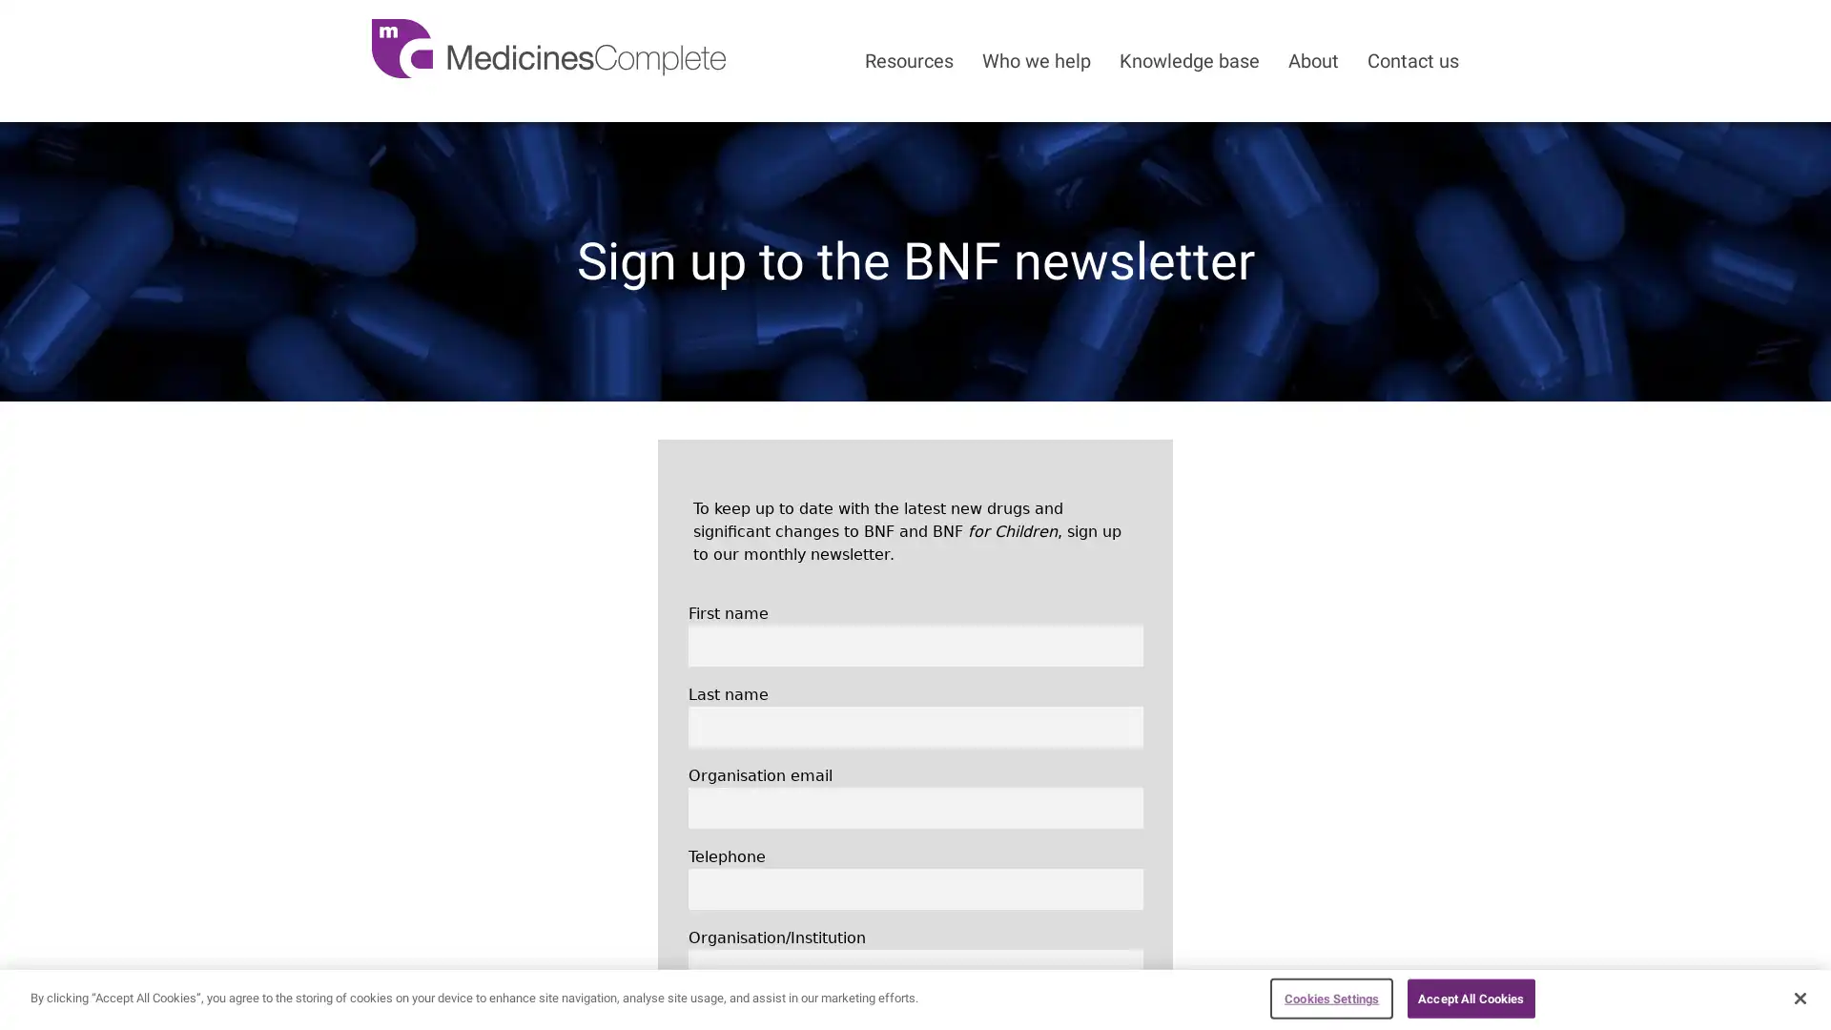 The image size is (1831, 1030). I want to click on Cookies Settings, so click(1330, 997).